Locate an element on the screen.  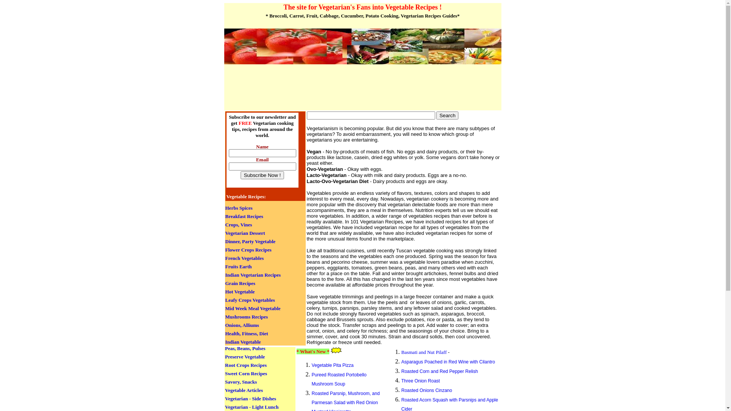
'Advertisement' is located at coordinates (314, 88).